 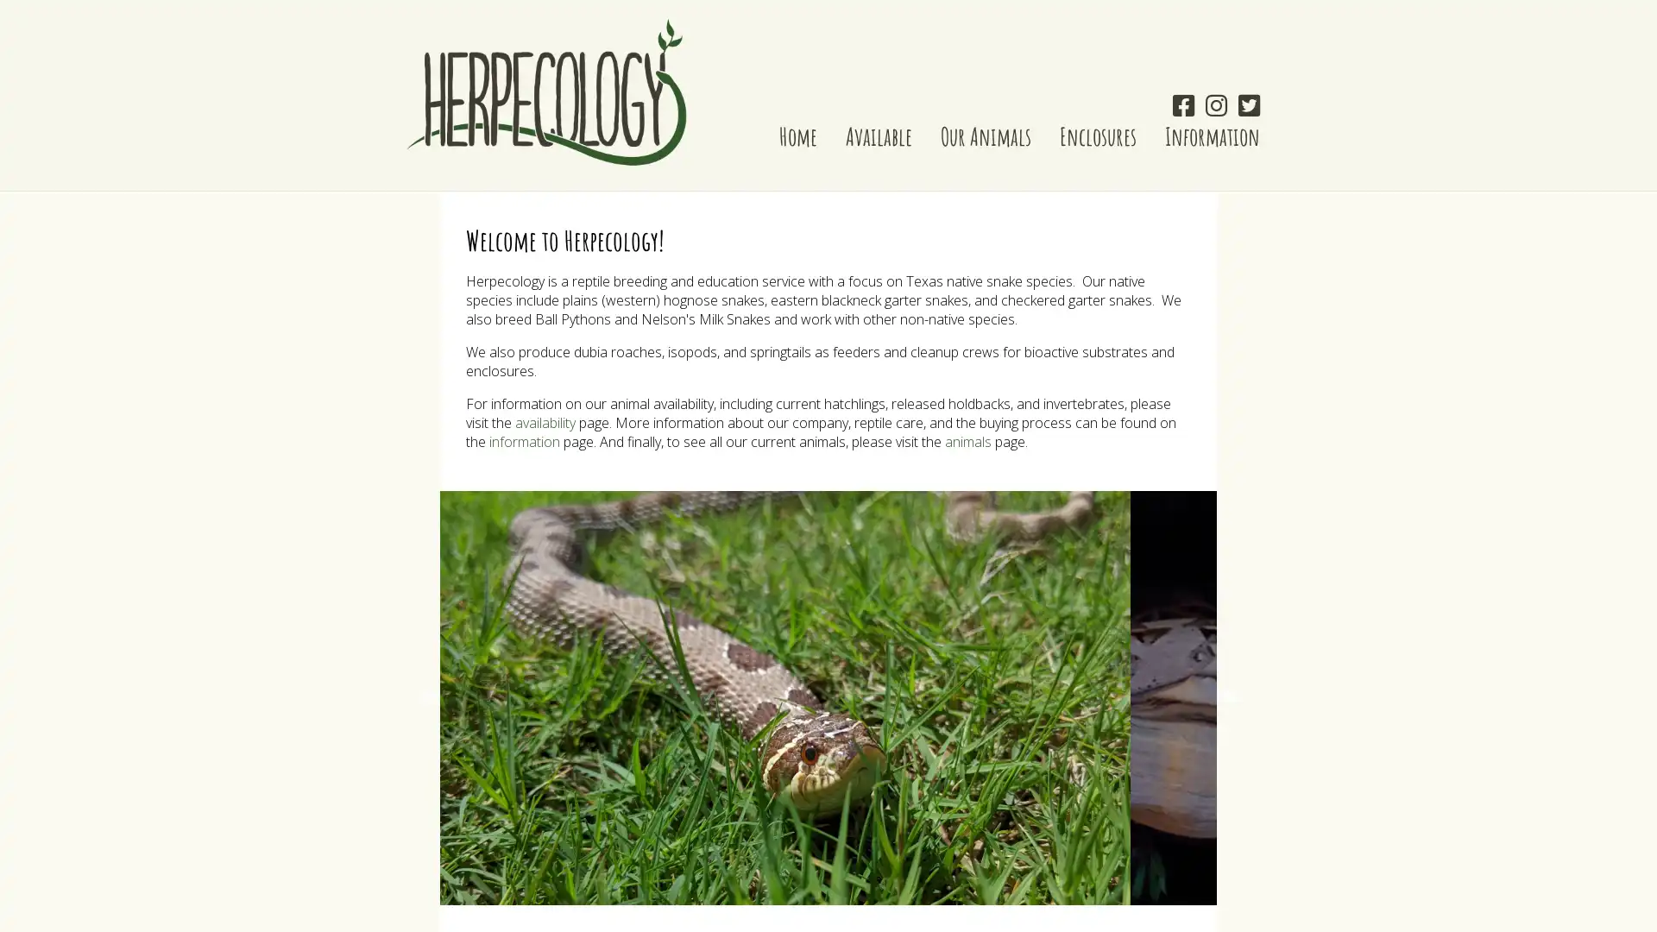 What do you see at coordinates (426, 724) in the screenshot?
I see `Previous` at bounding box center [426, 724].